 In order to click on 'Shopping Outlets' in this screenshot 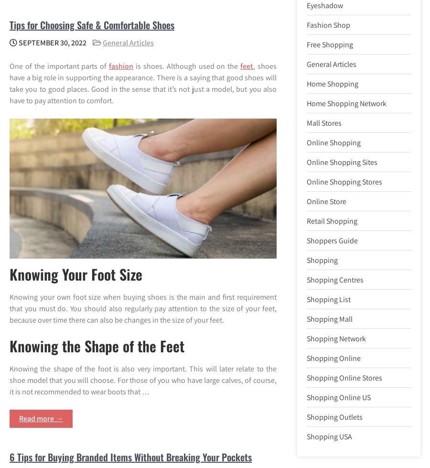, I will do `click(334, 416)`.